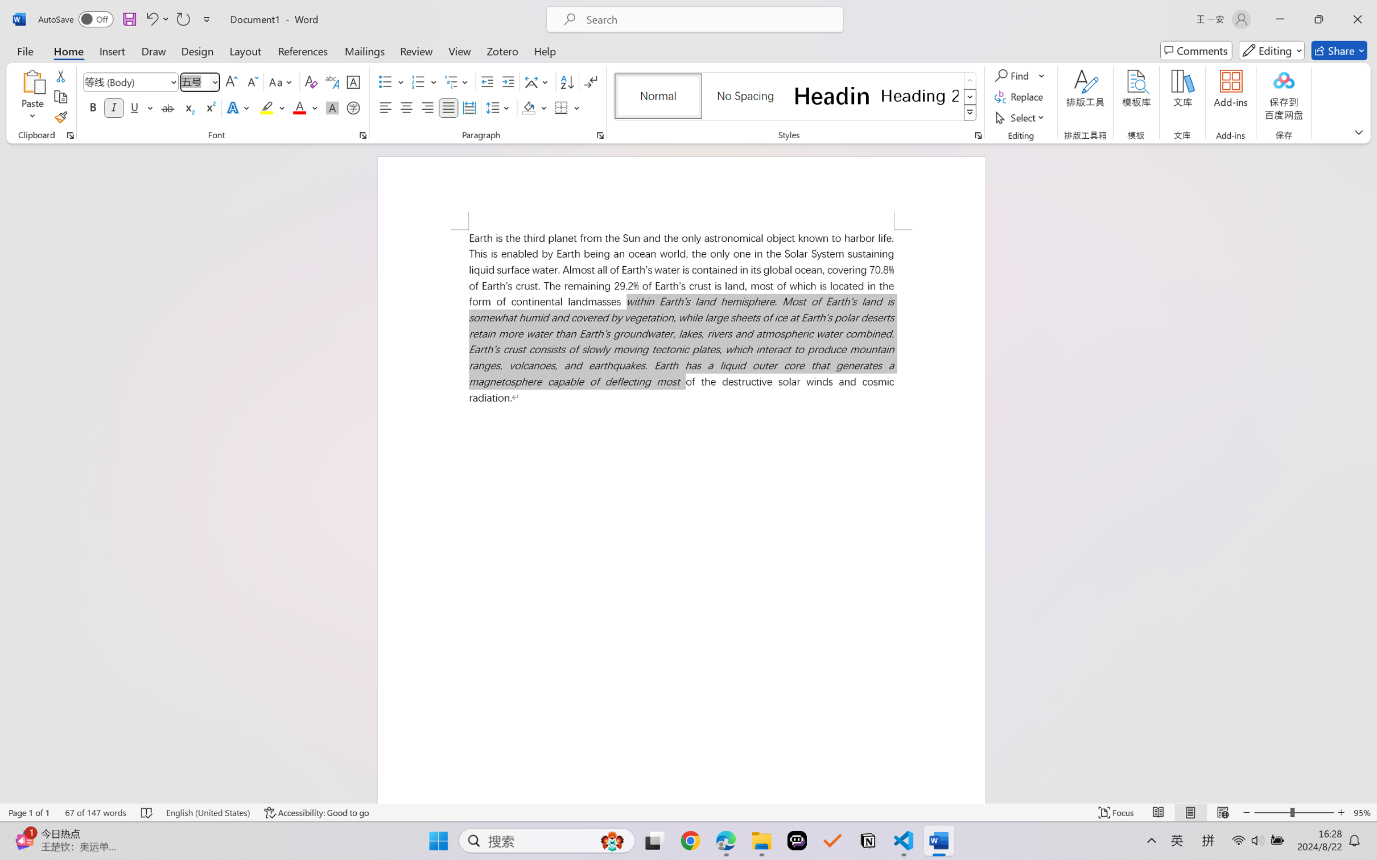  Describe the element at coordinates (457, 82) in the screenshot. I see `'Multilevel List'` at that location.